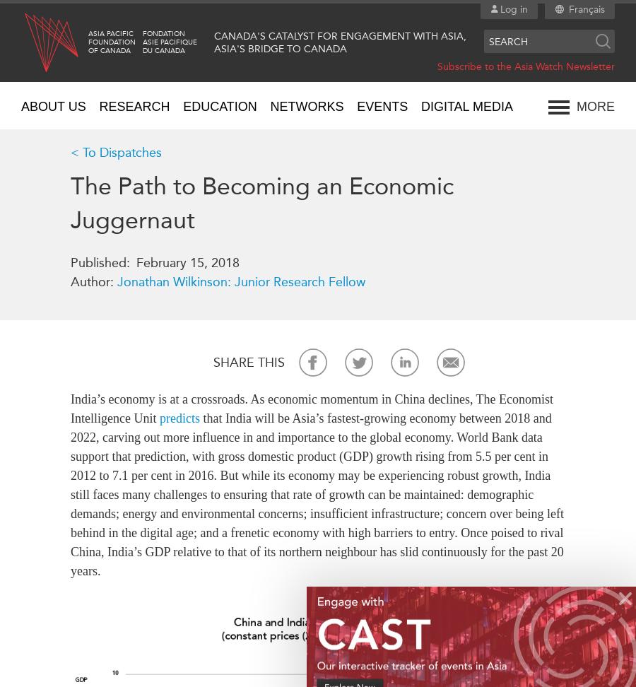 The height and width of the screenshot is (687, 636). What do you see at coordinates (339, 35) in the screenshot?
I see `'Canada's Catalyst for Engagement with Asia,'` at bounding box center [339, 35].